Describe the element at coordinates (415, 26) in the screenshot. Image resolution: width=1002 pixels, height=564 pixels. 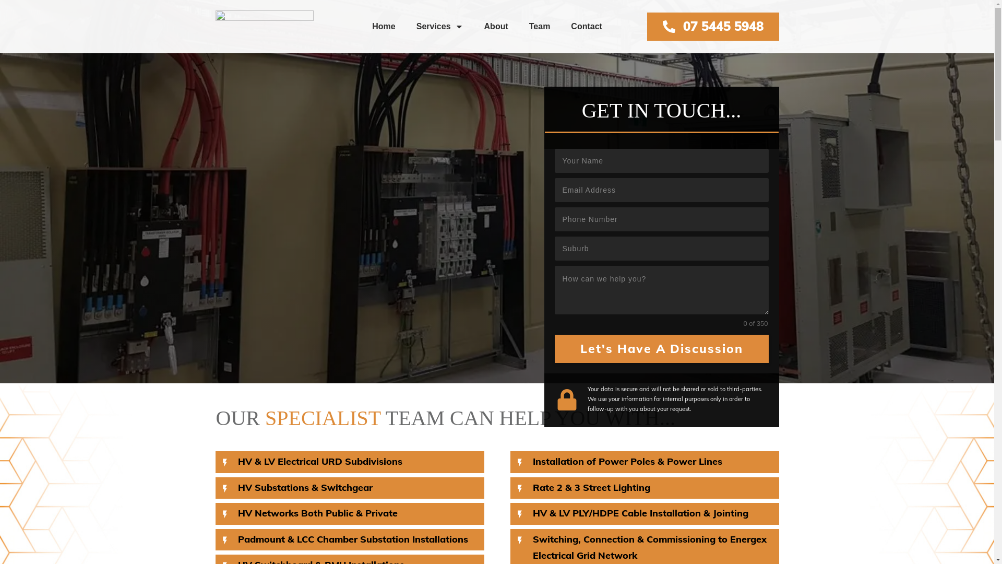
I see `'Services'` at that location.